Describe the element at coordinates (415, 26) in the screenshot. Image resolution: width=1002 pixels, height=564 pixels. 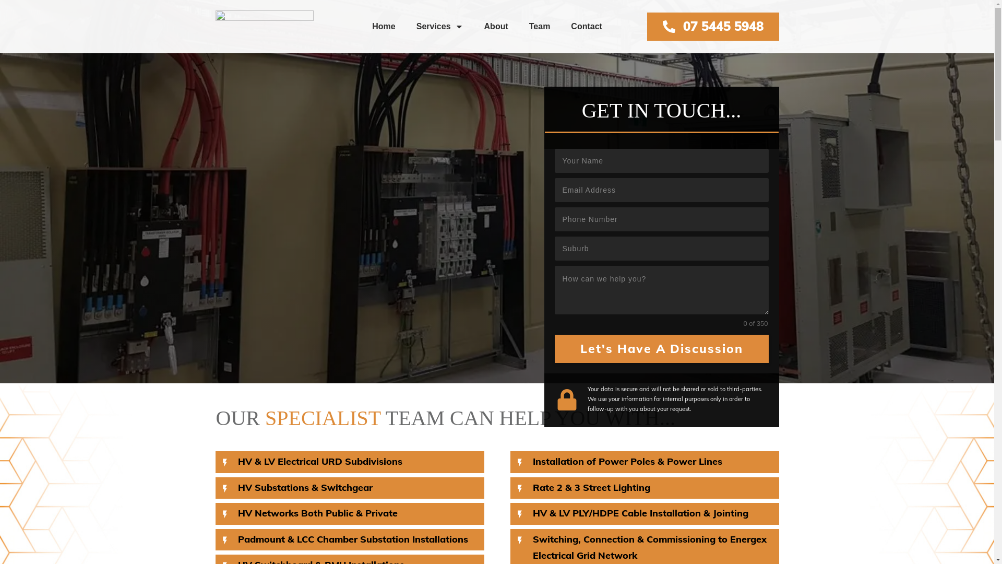
I see `'Services'` at that location.